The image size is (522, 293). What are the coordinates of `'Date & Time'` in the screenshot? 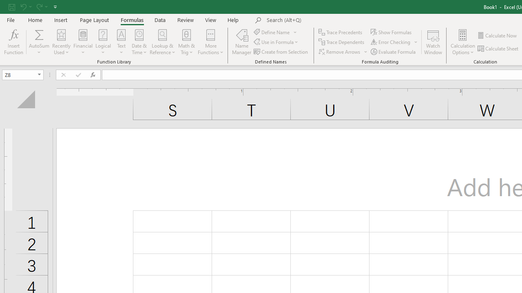 It's located at (139, 42).